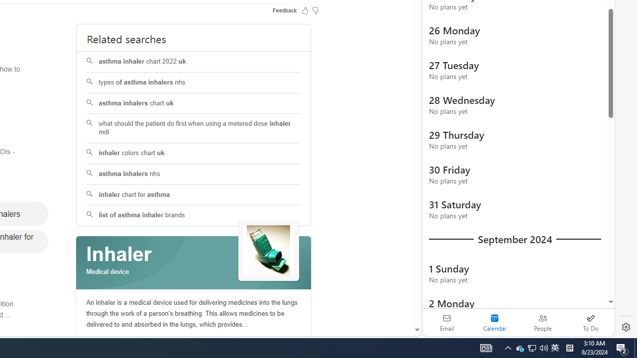  I want to click on 'asthma inhalers chart uk', so click(194, 103).